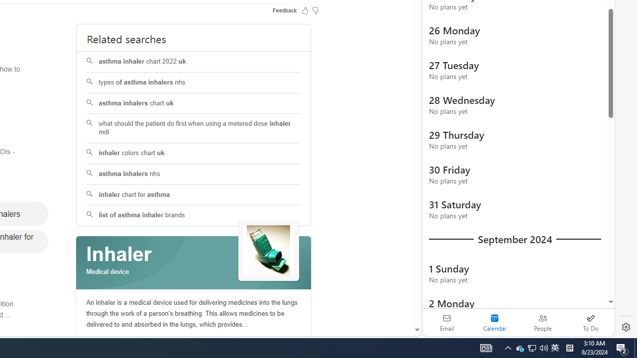  I want to click on 'asthma inhalers chart uk', so click(194, 103).